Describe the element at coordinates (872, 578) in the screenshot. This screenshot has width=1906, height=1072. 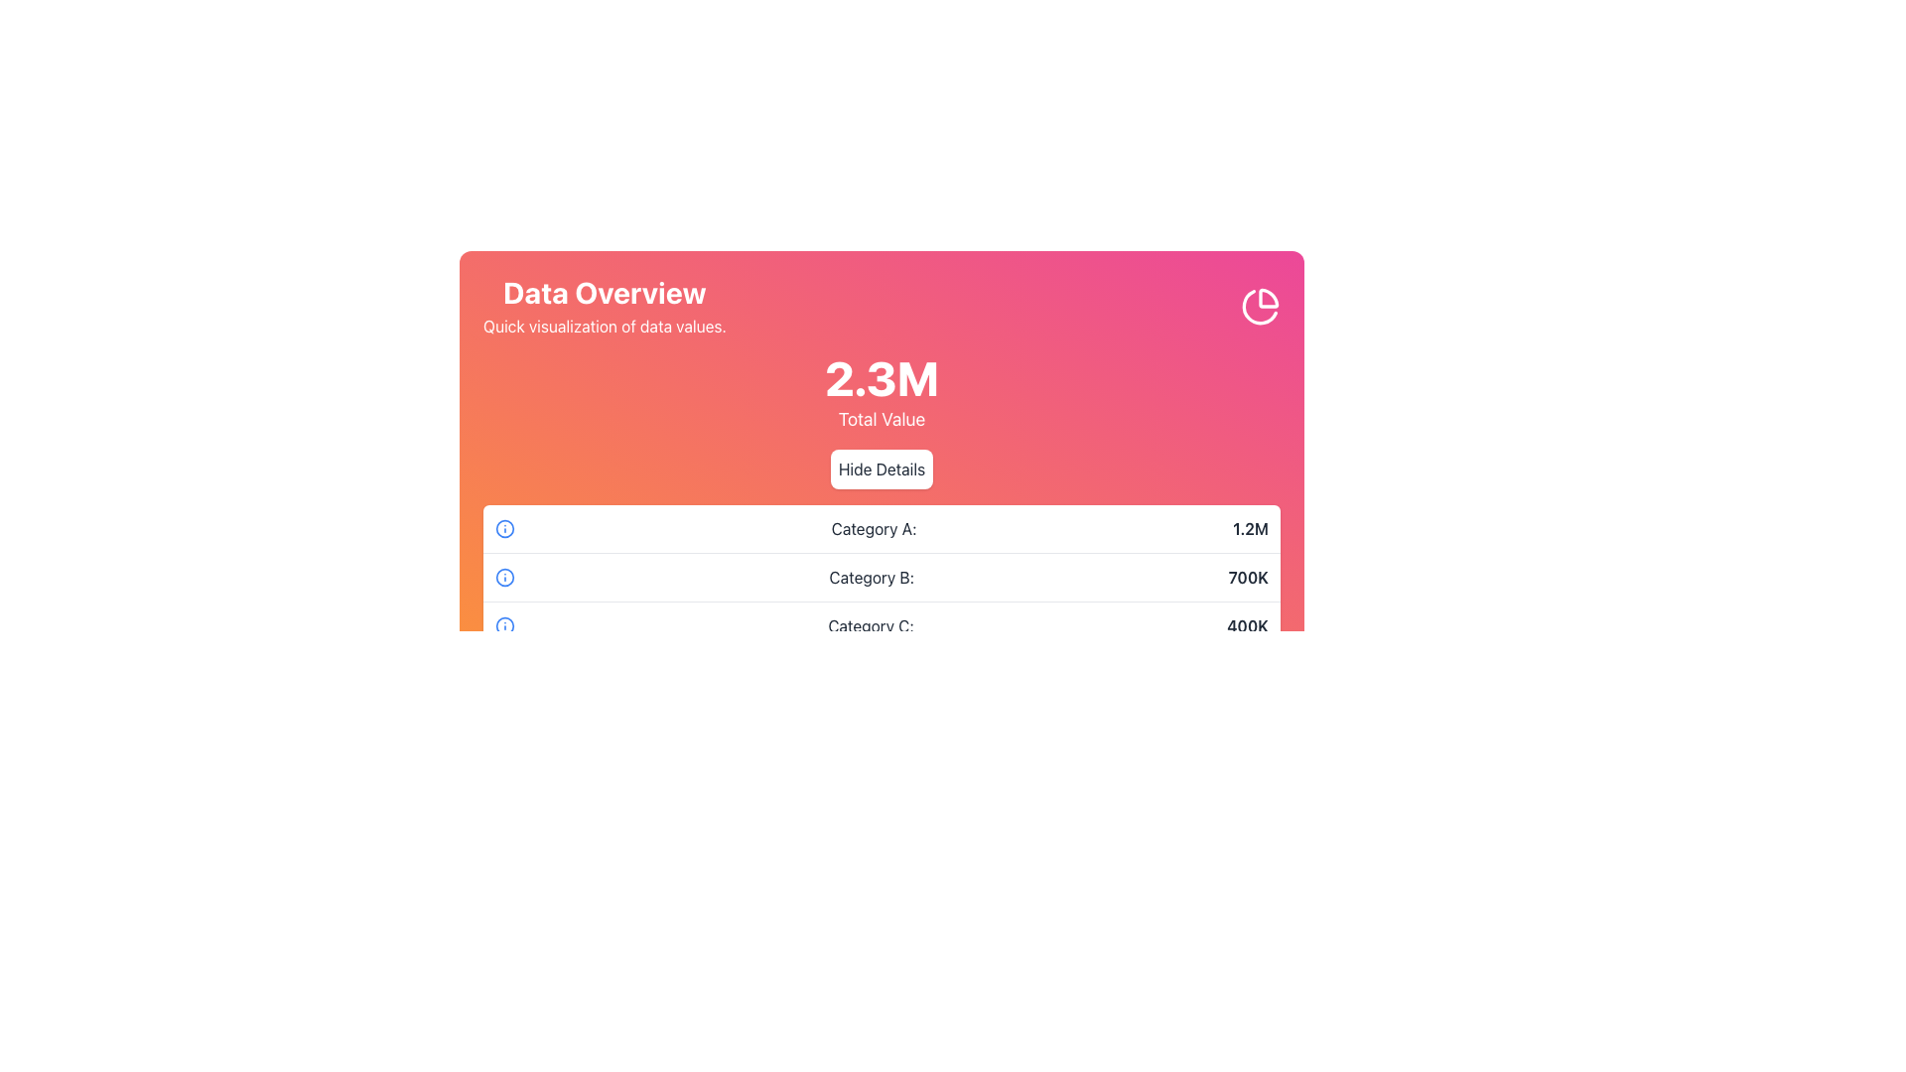
I see `the 'Category B' text label, which indicates a data category and is positioned centrally in the second row of a list of categories` at that location.